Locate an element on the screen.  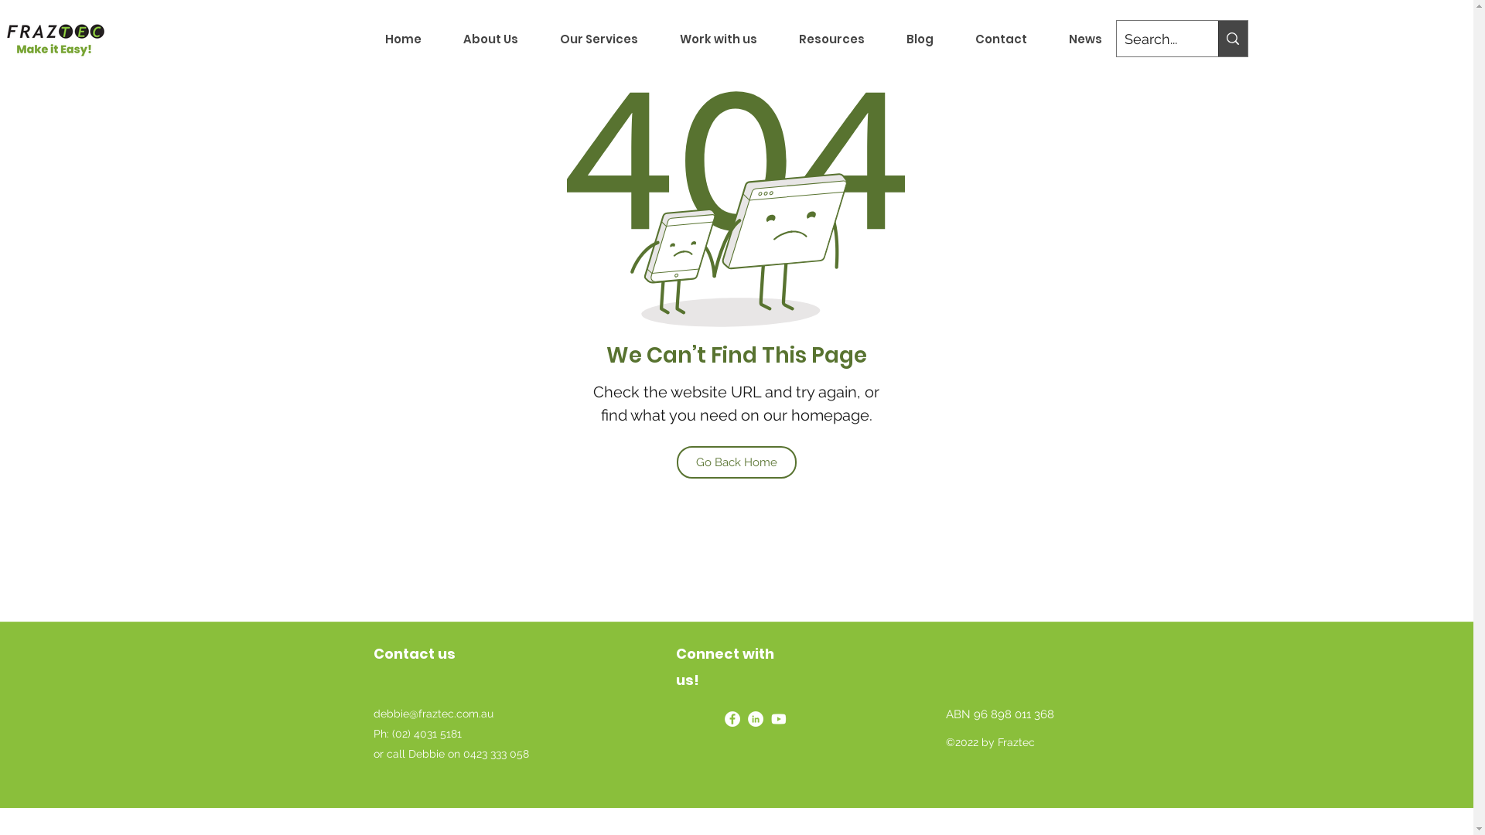
'News' is located at coordinates (1084, 38).